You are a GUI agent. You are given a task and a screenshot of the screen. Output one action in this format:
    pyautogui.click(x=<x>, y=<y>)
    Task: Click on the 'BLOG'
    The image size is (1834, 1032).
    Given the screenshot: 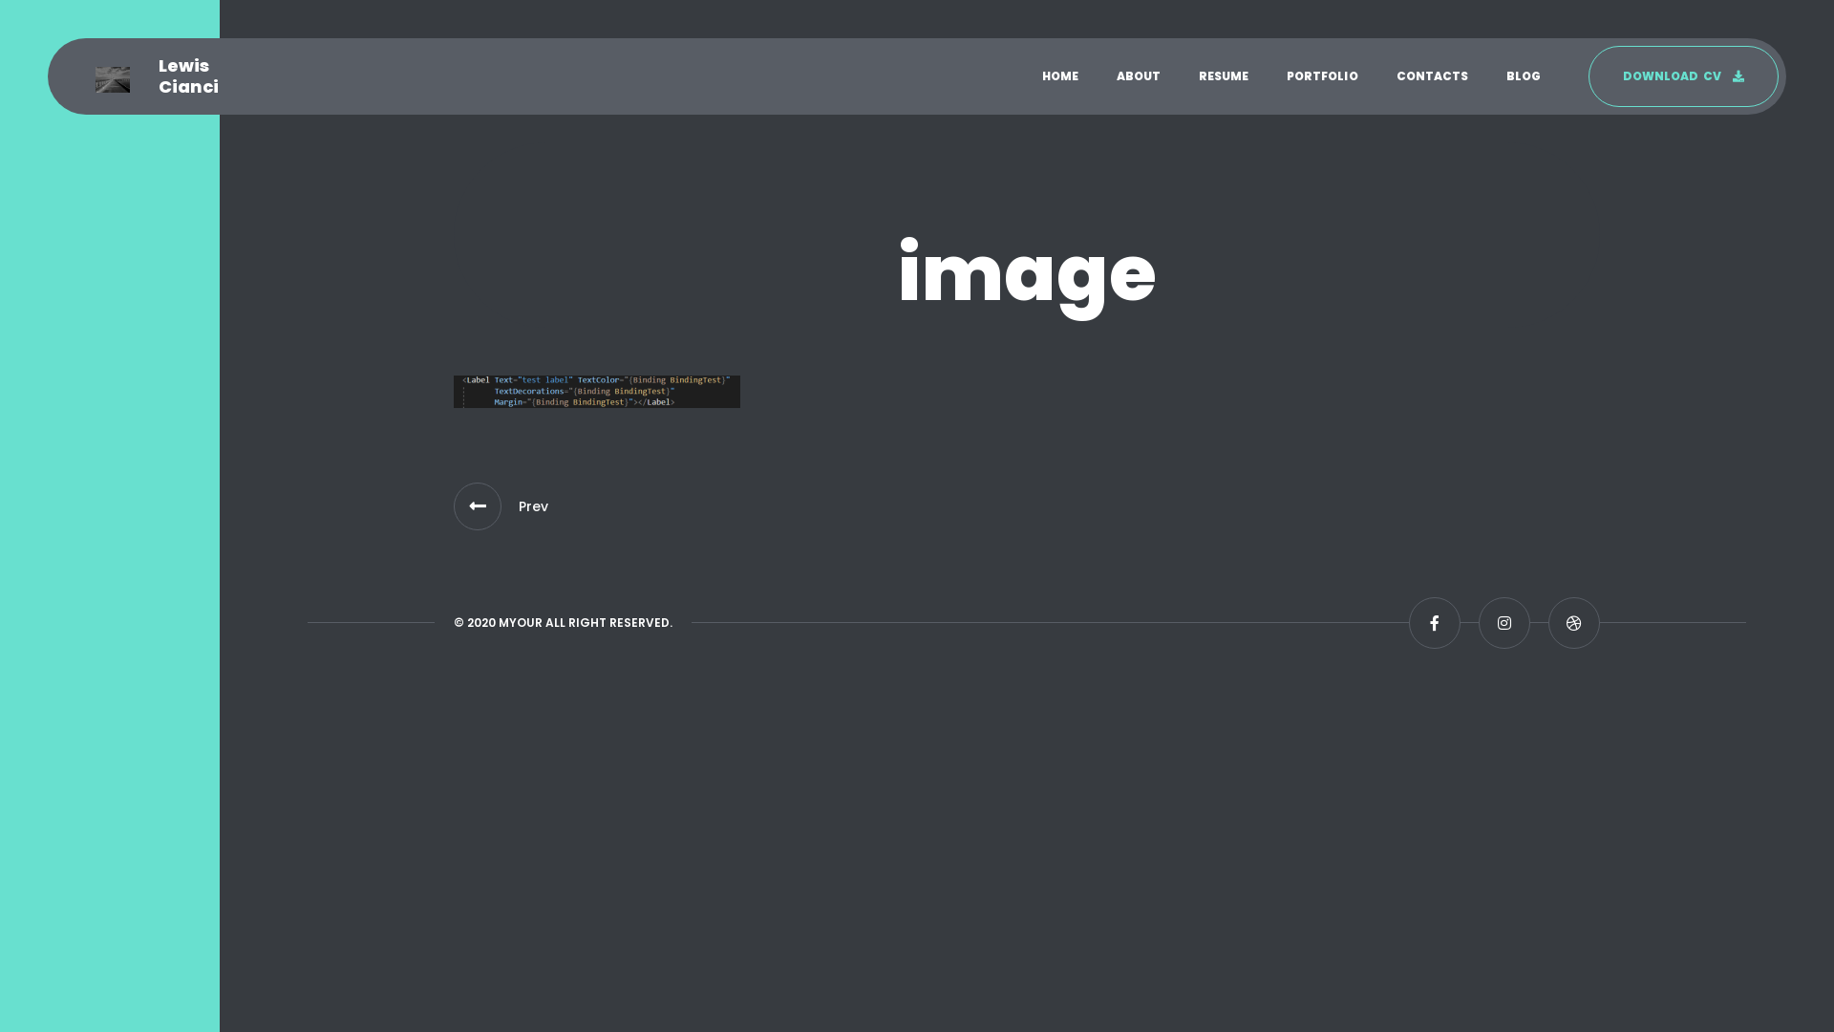 What is the action you would take?
    pyautogui.click(x=1522, y=75)
    